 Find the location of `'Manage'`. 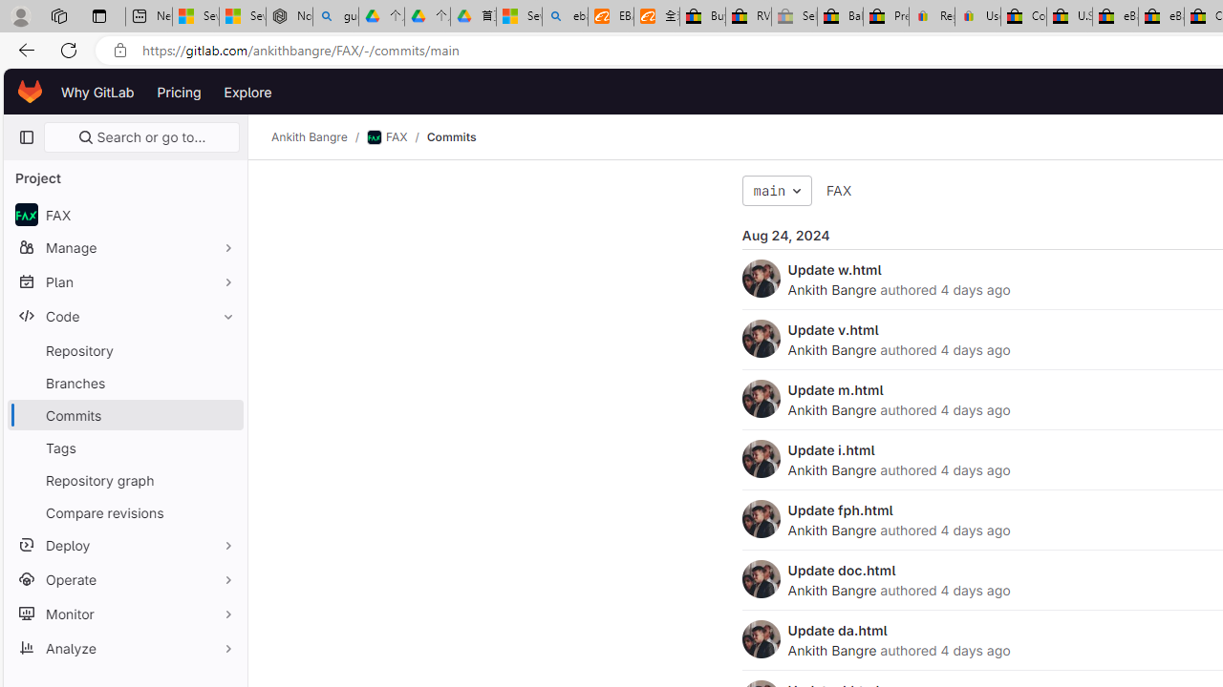

'Manage' is located at coordinates (124, 246).